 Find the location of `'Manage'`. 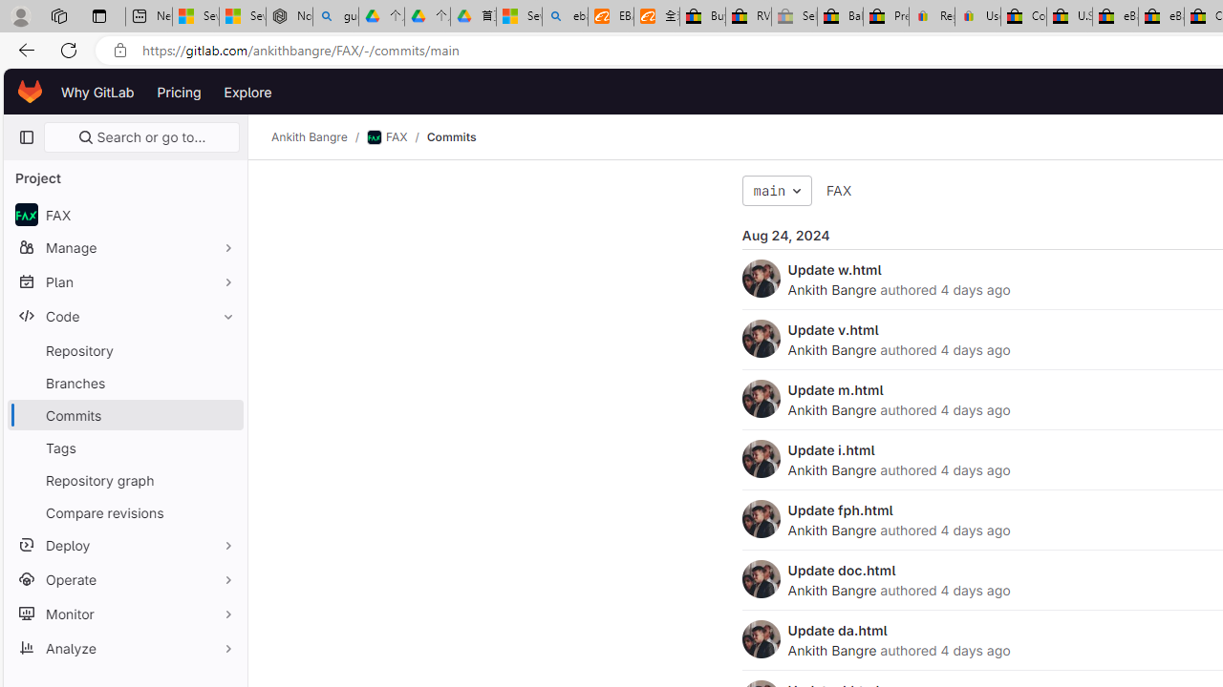

'Manage' is located at coordinates (124, 246).